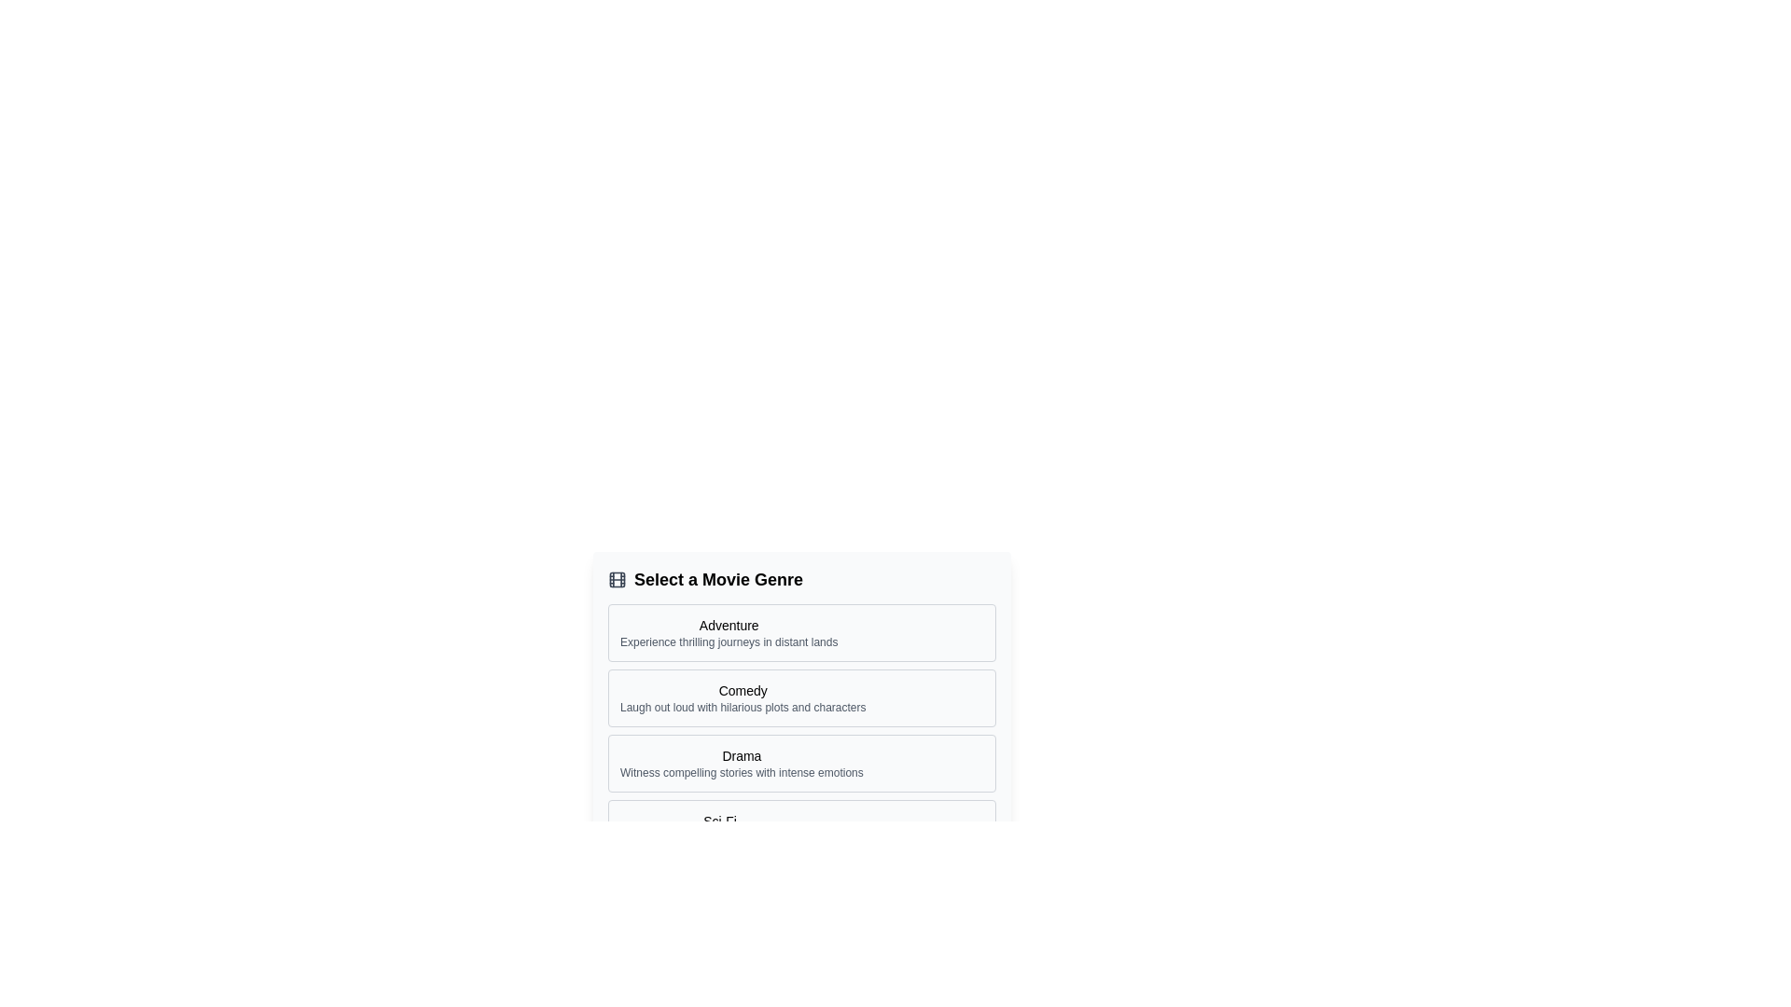 This screenshot has width=1791, height=1007. I want to click on the label that denotes the Sci-Fi movie genre, located in the bottommost genre section under 'Select a Movie Genre', so click(719, 820).